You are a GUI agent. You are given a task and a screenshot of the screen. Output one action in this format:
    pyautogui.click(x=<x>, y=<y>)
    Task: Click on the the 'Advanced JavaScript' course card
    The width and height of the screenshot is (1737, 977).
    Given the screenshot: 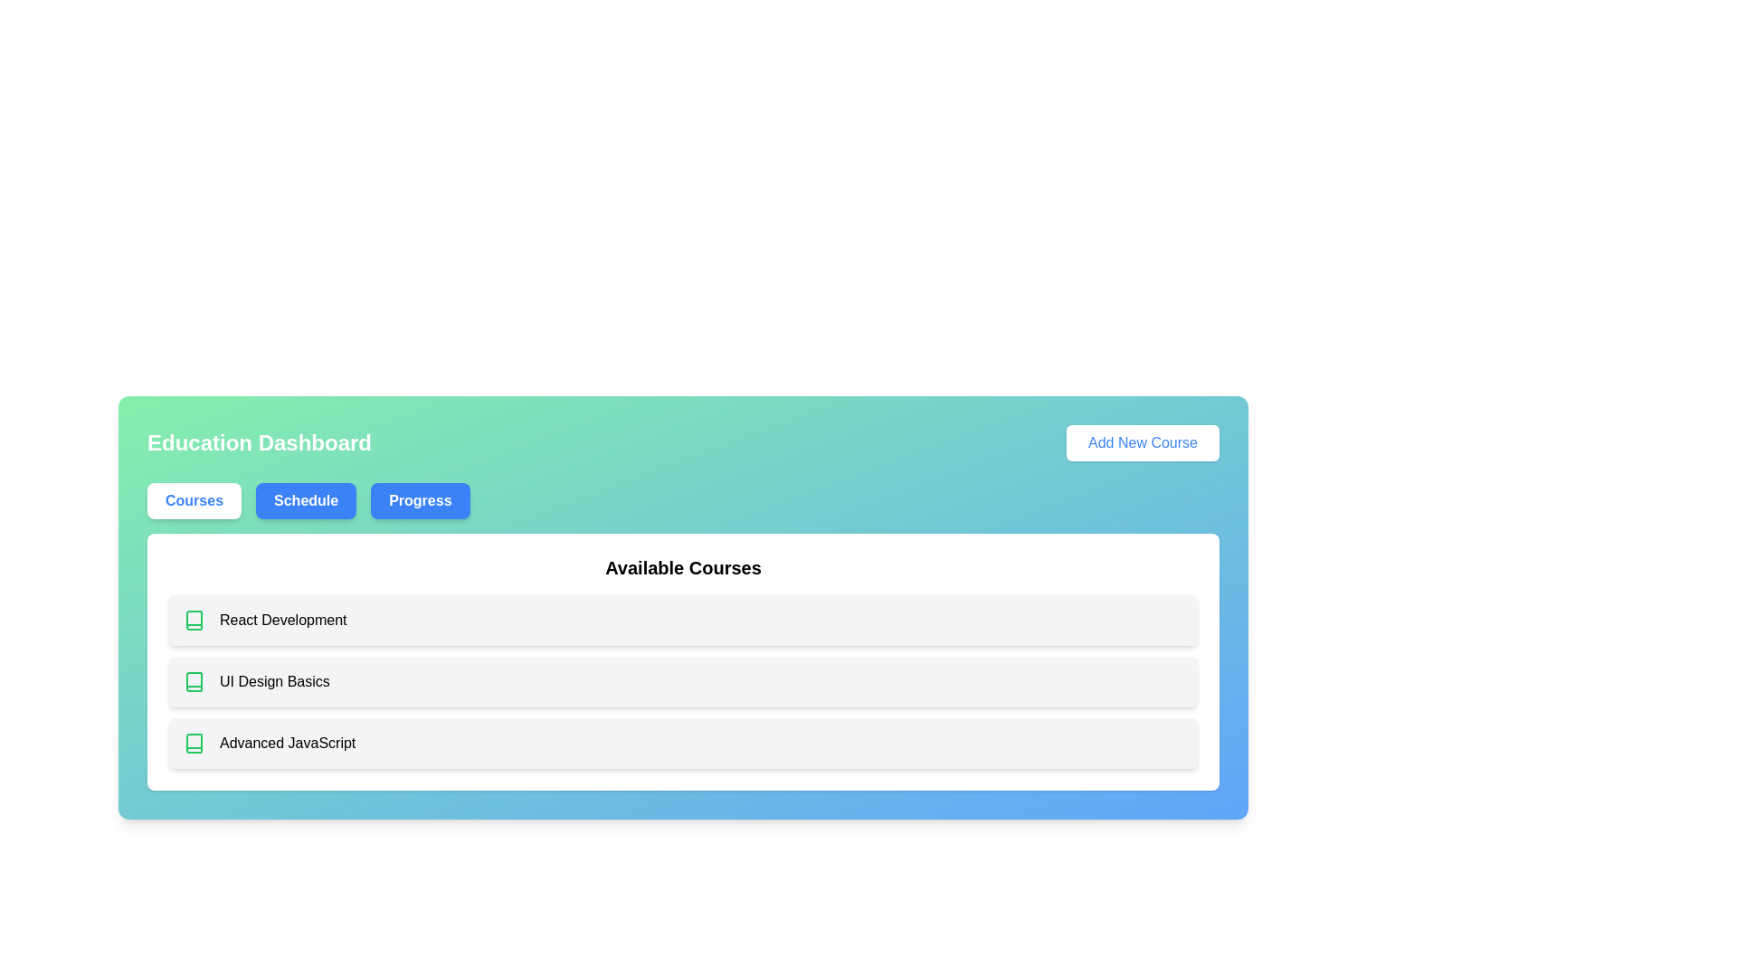 What is the action you would take?
    pyautogui.click(x=682, y=743)
    